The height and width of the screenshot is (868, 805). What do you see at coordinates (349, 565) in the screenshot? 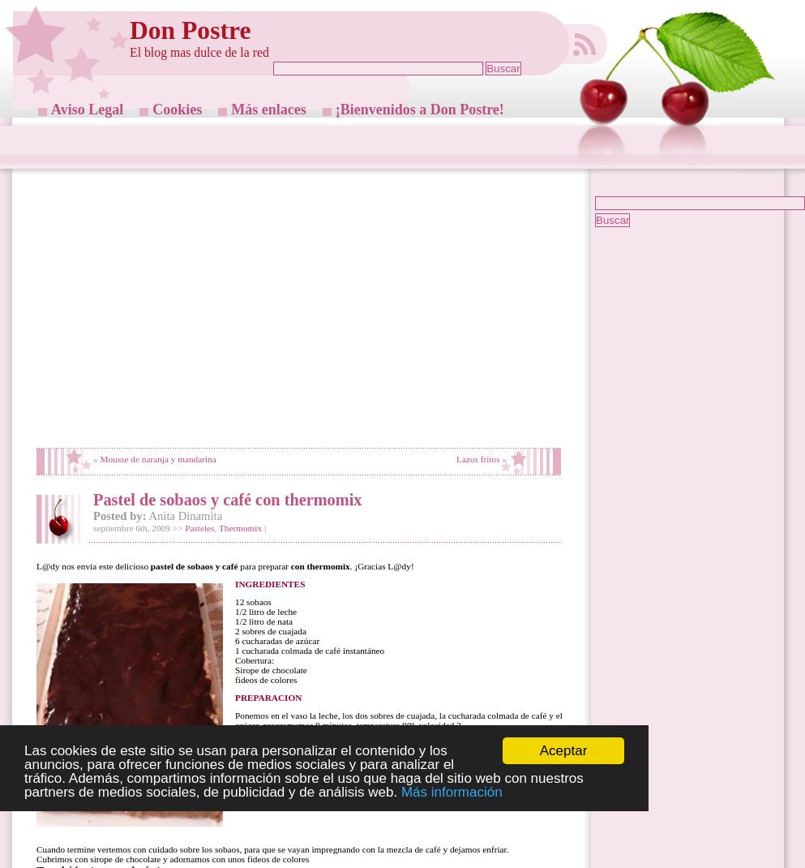
I see `'. ¡Gracias L@dy!'` at bounding box center [349, 565].